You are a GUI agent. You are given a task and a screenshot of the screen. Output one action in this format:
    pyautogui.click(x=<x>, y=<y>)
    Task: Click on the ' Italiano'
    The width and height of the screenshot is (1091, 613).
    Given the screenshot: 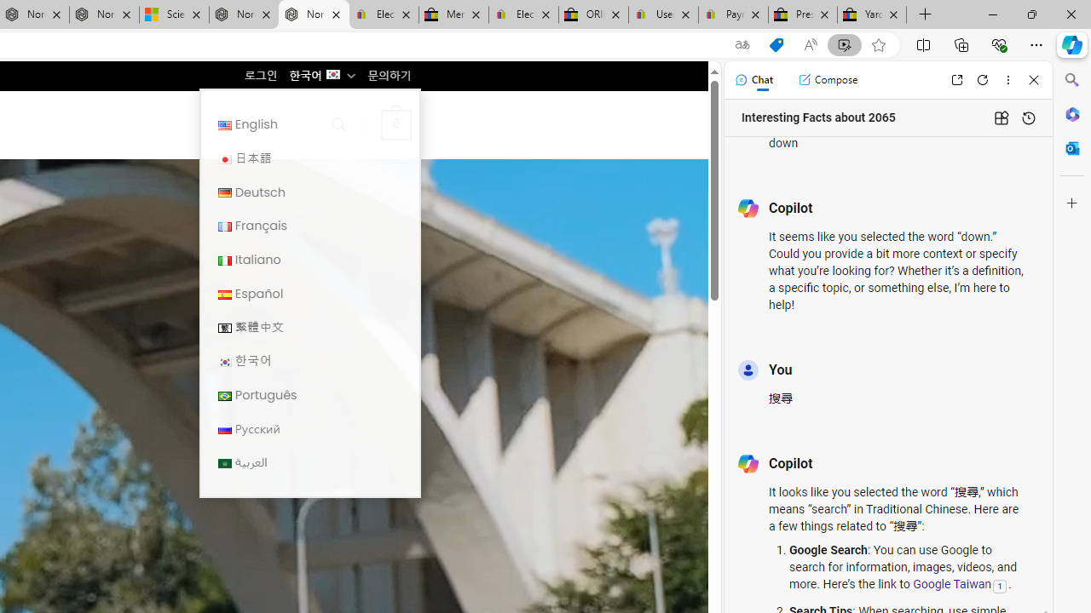 What is the action you would take?
    pyautogui.click(x=309, y=259)
    